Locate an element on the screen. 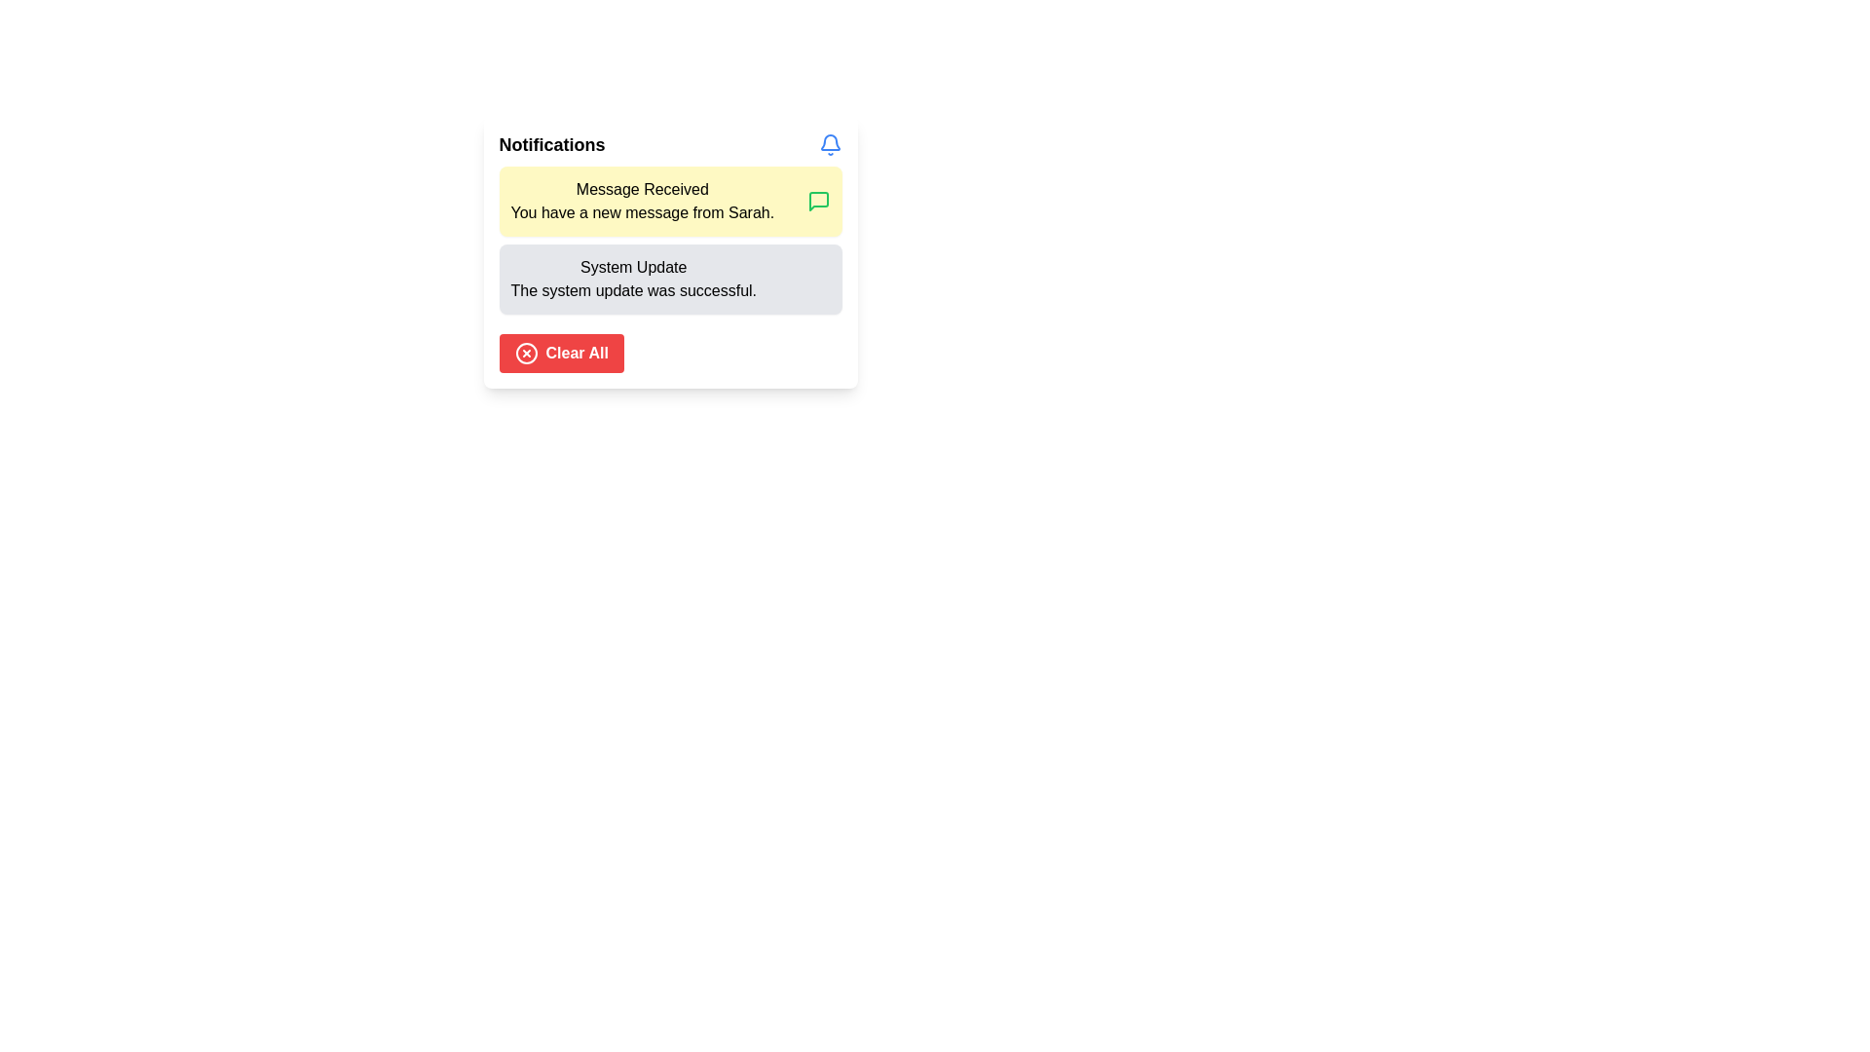 The image size is (1870, 1052). the green chat icon located in the top-right corner of the yellow-highlighted notification card that reads 'Message Received' from Sarah to interact with it is located at coordinates (818, 202).